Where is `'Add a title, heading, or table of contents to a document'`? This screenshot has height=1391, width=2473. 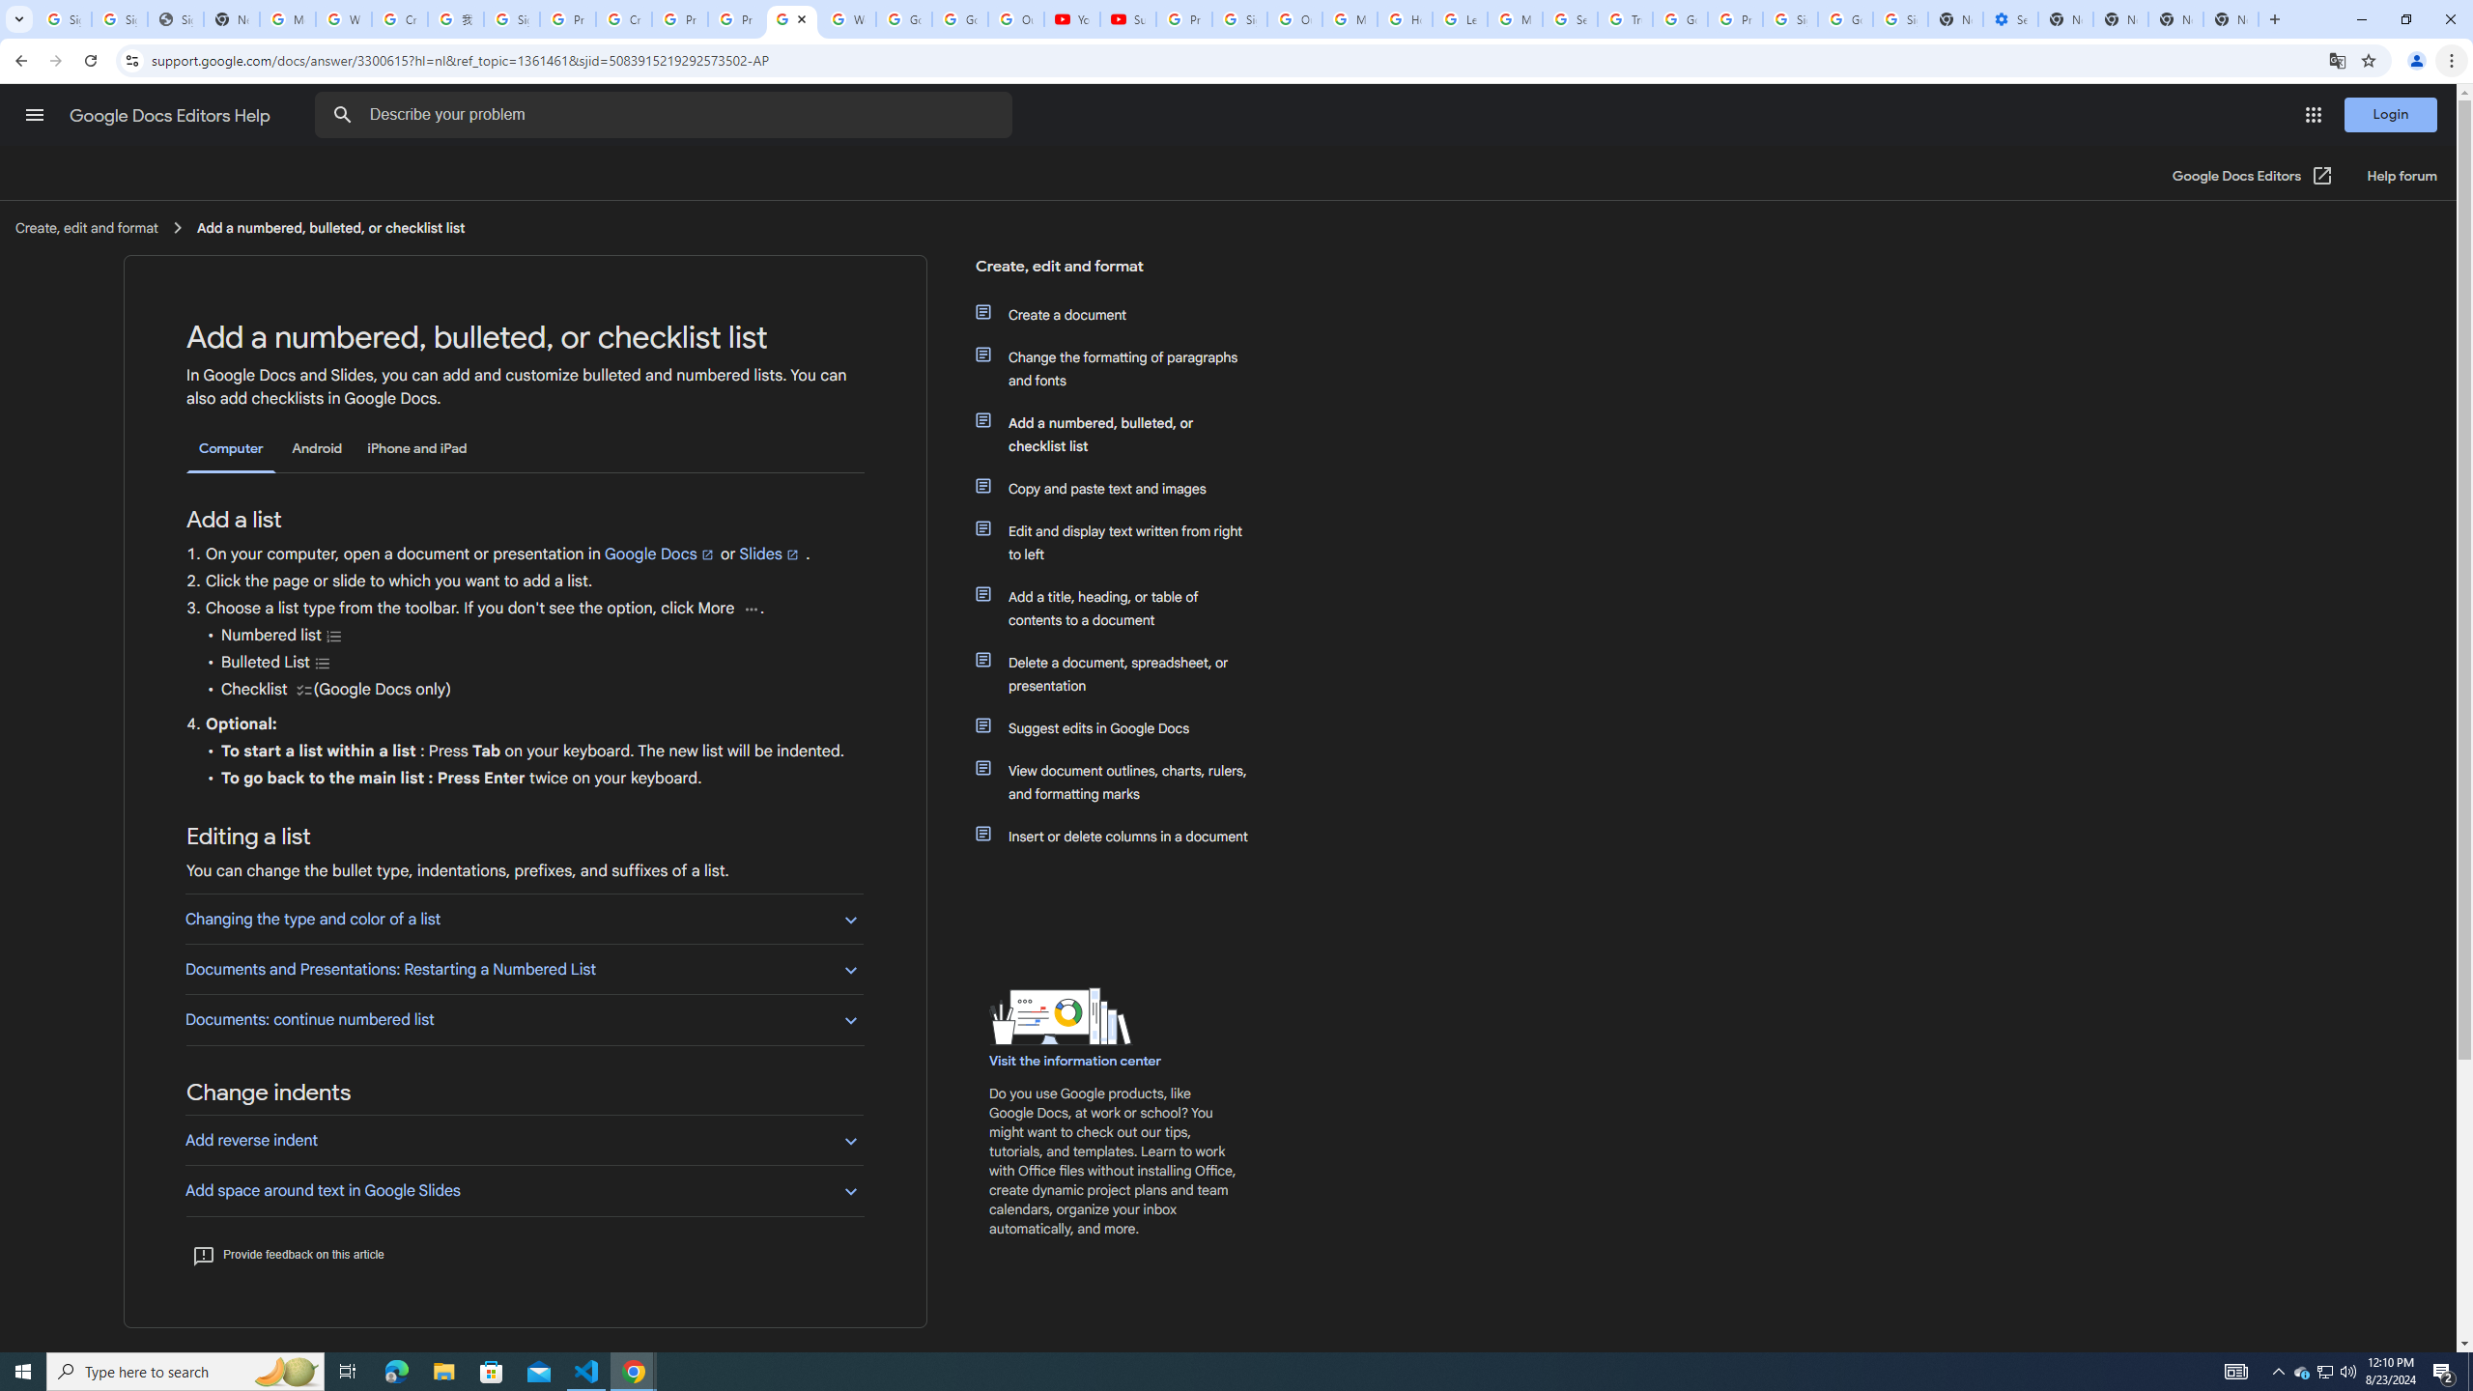 'Add a title, heading, or table of contents to a document' is located at coordinates (1123, 608).